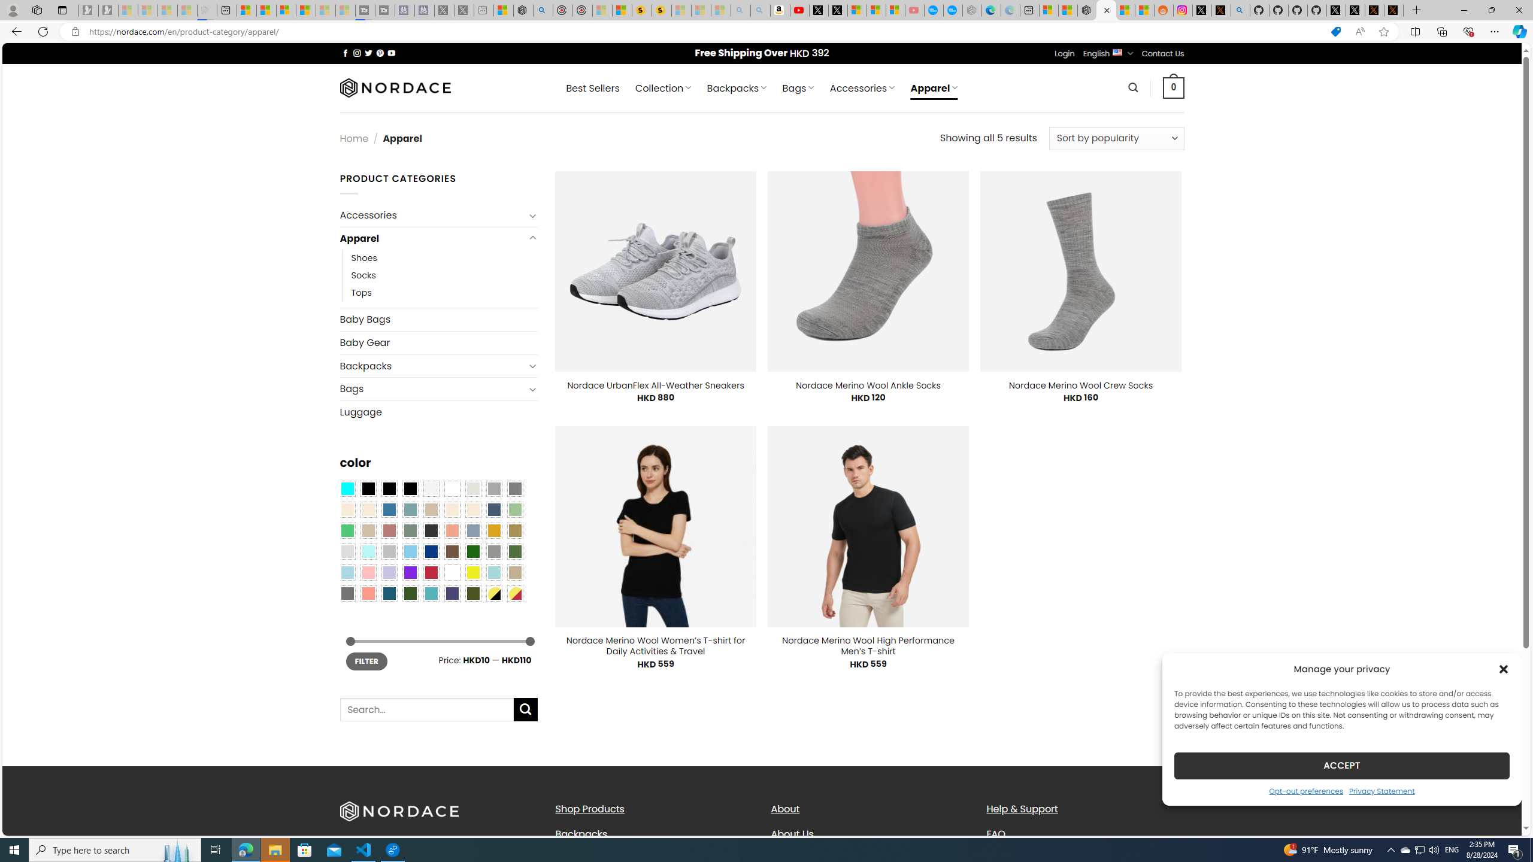 This screenshot has height=862, width=1533. What do you see at coordinates (346, 488) in the screenshot?
I see `'Aqua Blue'` at bounding box center [346, 488].